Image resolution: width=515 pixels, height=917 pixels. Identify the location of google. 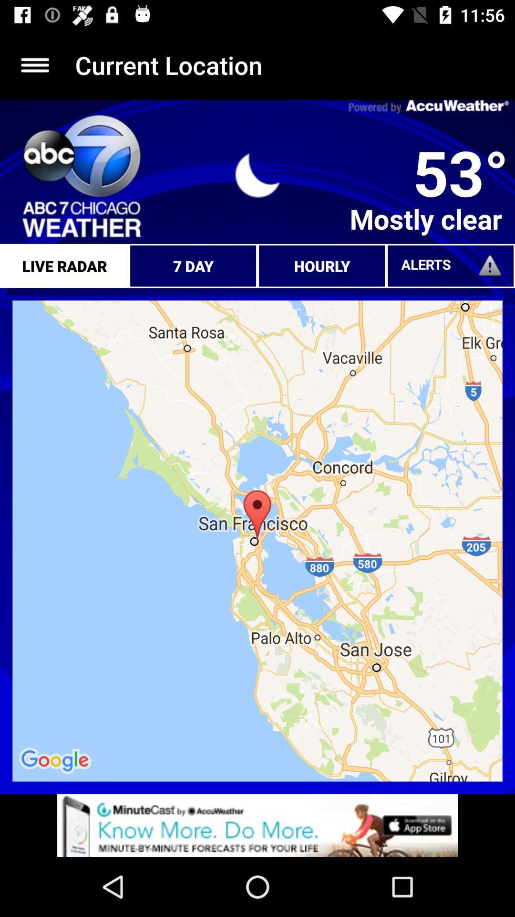
(56, 760).